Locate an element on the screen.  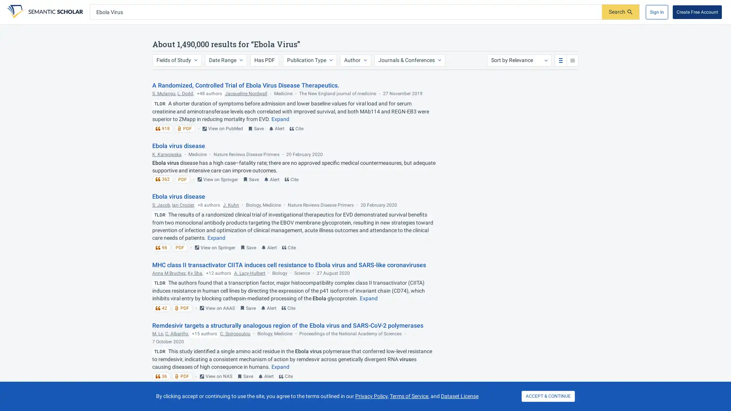
Turn on email alert for this paper is located at coordinates (276, 128).